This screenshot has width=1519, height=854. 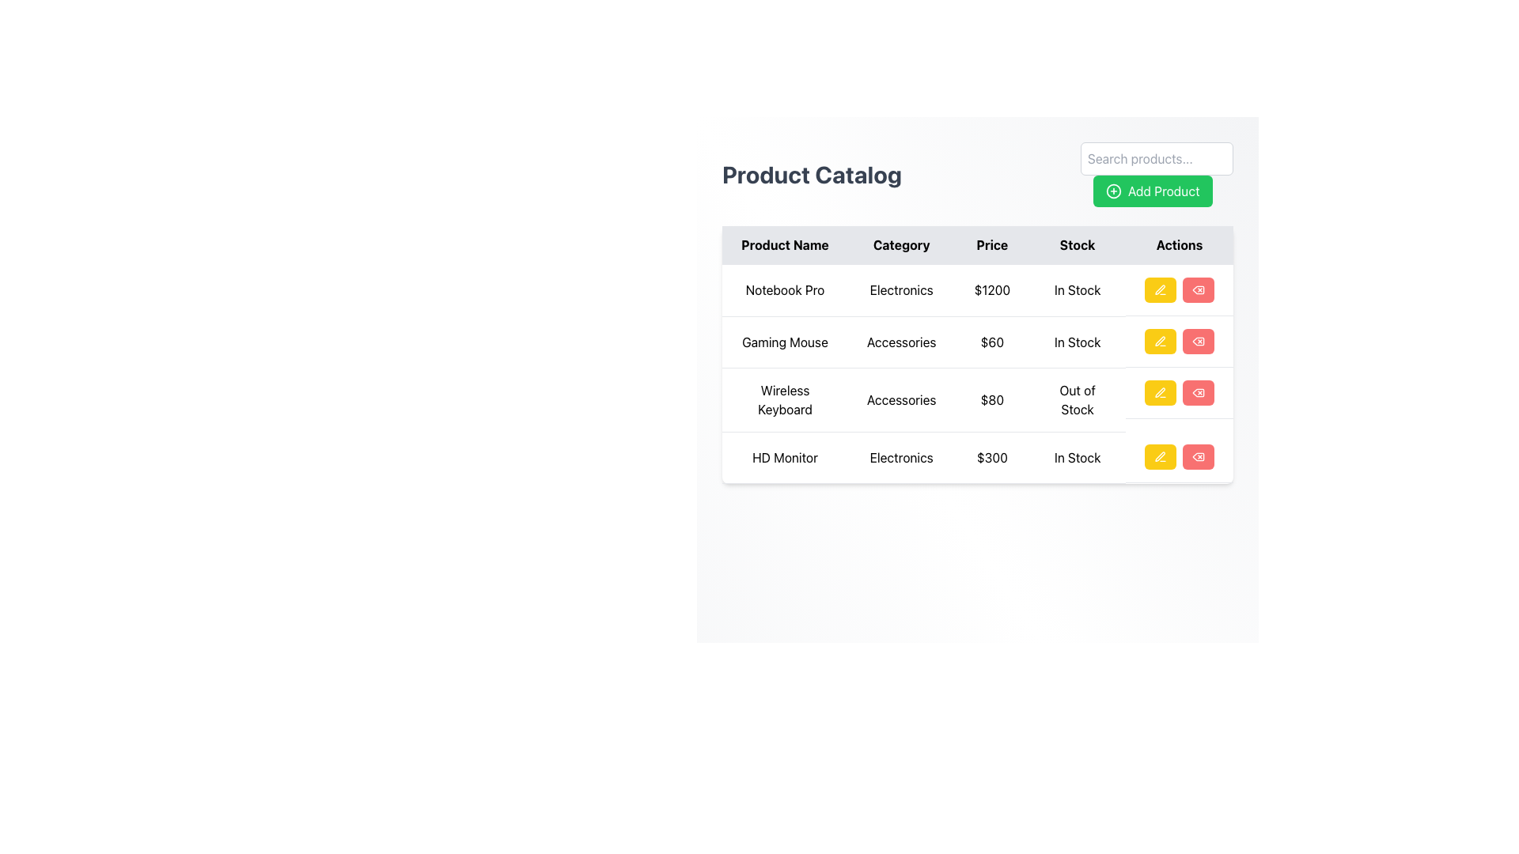 What do you see at coordinates (901, 290) in the screenshot?
I see `the 'Electronics' text label which is the second cell in the row for 'Notebook Pro' in the product table` at bounding box center [901, 290].